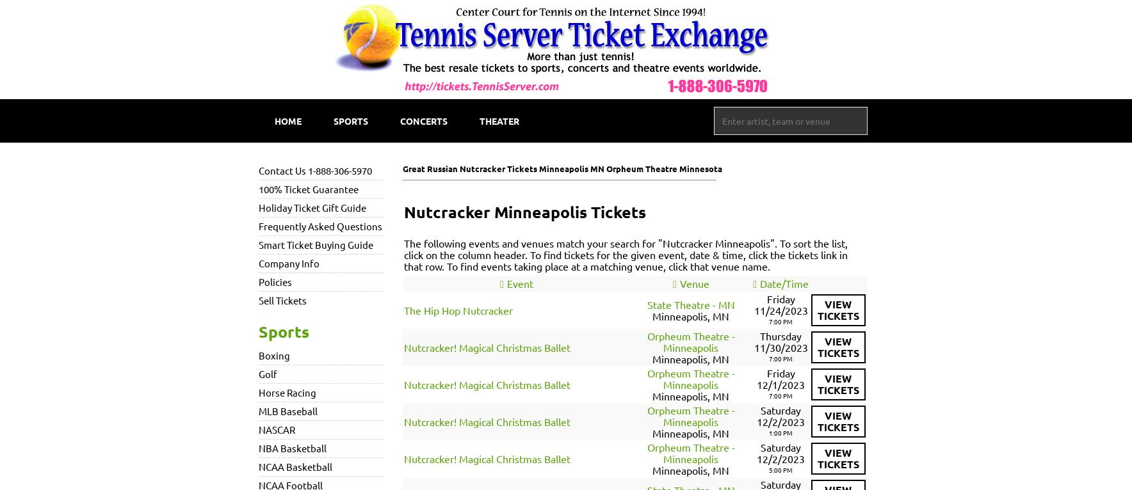 The width and height of the screenshot is (1132, 490). Describe the element at coordinates (690, 303) in the screenshot. I see `'State Theatre - MN'` at that location.